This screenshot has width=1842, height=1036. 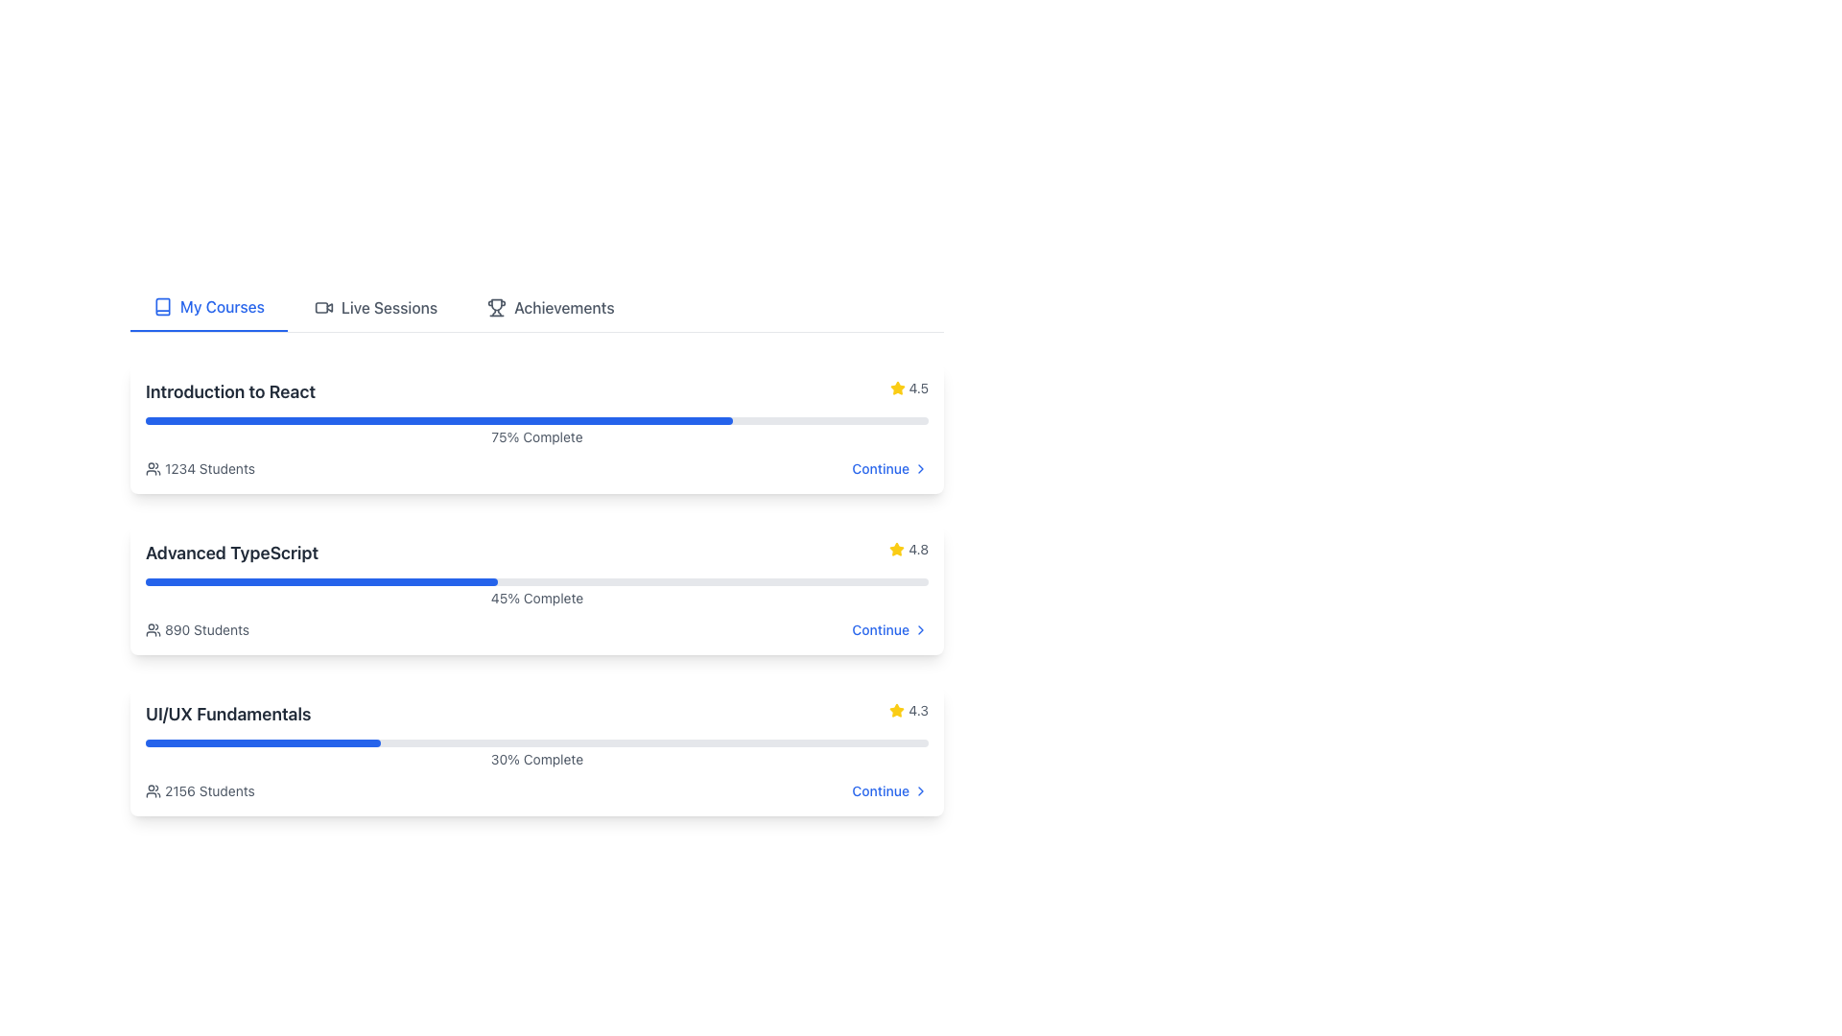 What do you see at coordinates (537, 420) in the screenshot?
I see `the uppermost progress bar that shows '75% Complete' and has a blue-filled section representing 75% completion` at bounding box center [537, 420].